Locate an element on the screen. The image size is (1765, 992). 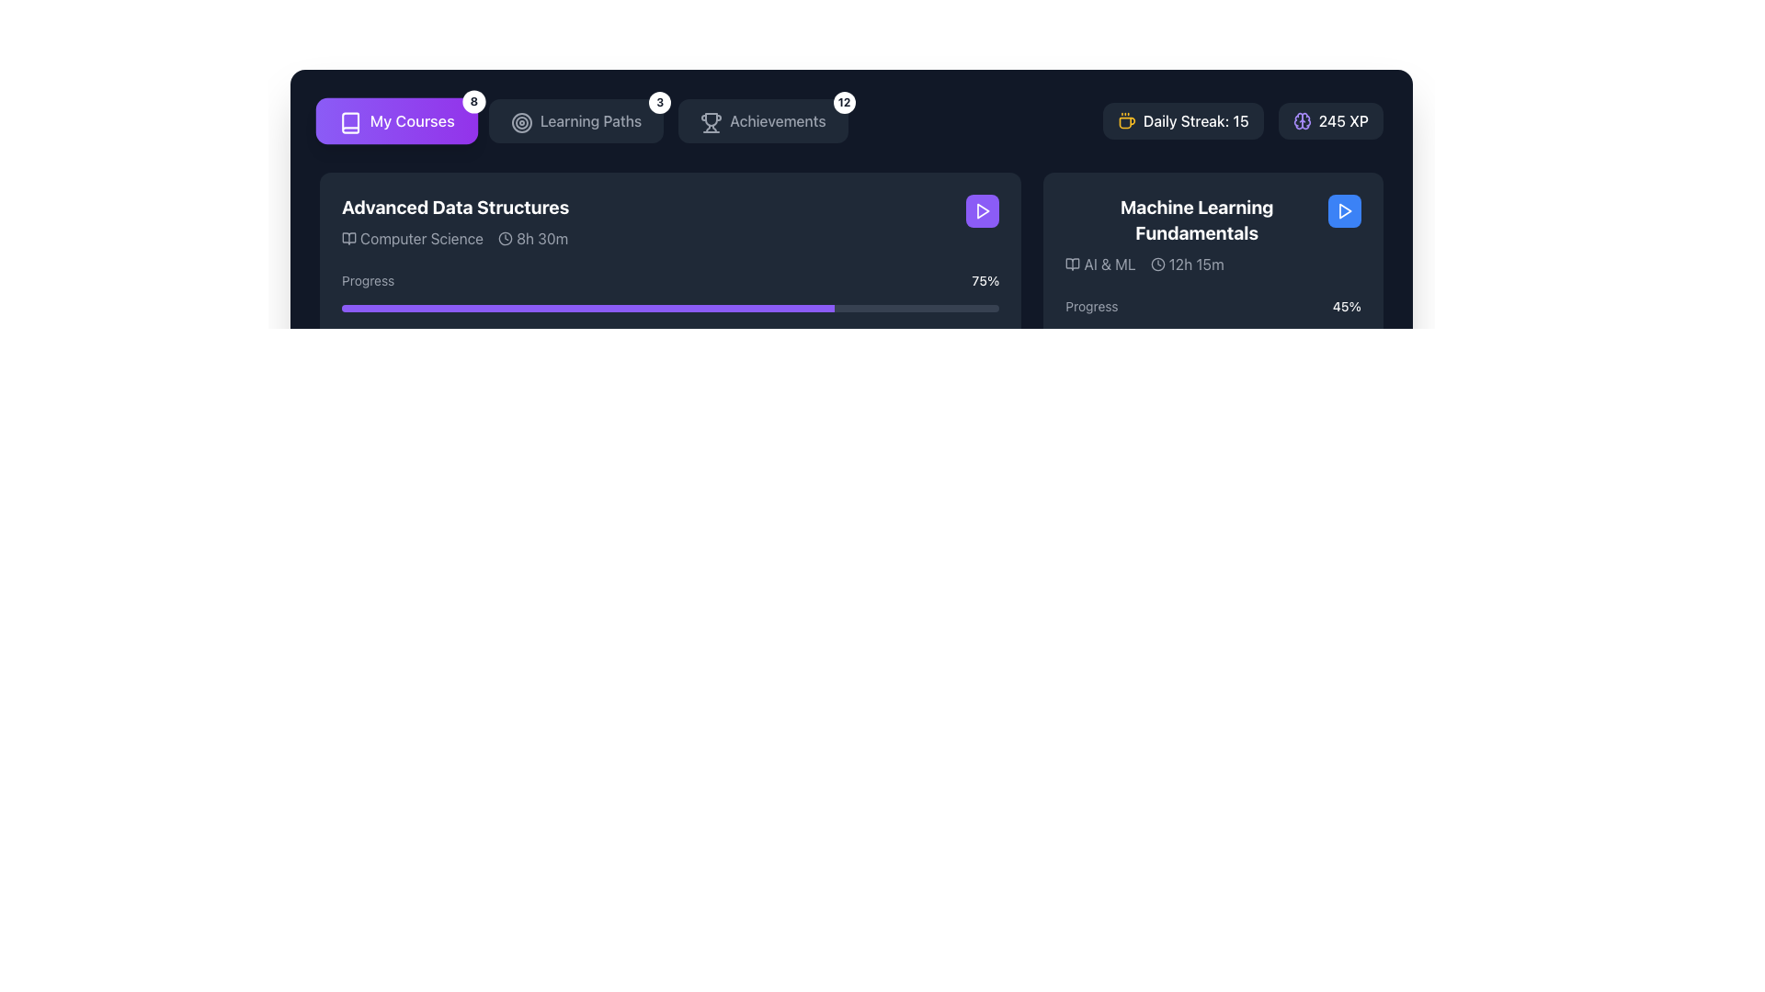
the 'AI & ML' label with an icon resembling an open book, located in the 'Machine Learning Fundamentals' section, to the left of the '12h 15m' text is located at coordinates (1100, 265).